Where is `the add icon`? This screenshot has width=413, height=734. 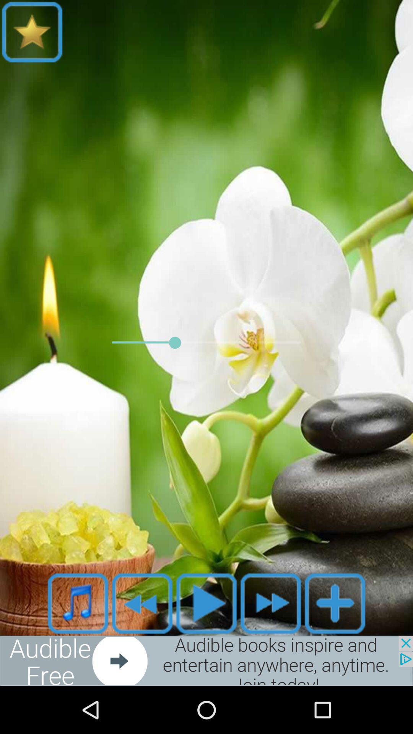 the add icon is located at coordinates (334, 603).